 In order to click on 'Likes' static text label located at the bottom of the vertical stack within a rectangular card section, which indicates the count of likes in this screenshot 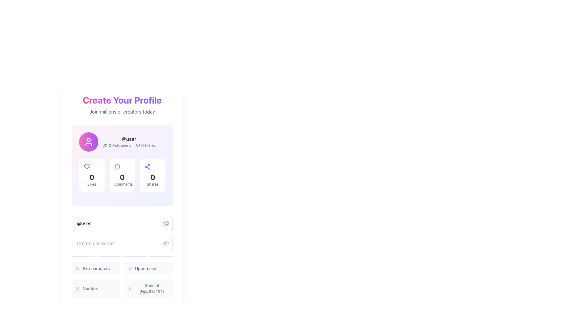, I will do `click(91, 184)`.